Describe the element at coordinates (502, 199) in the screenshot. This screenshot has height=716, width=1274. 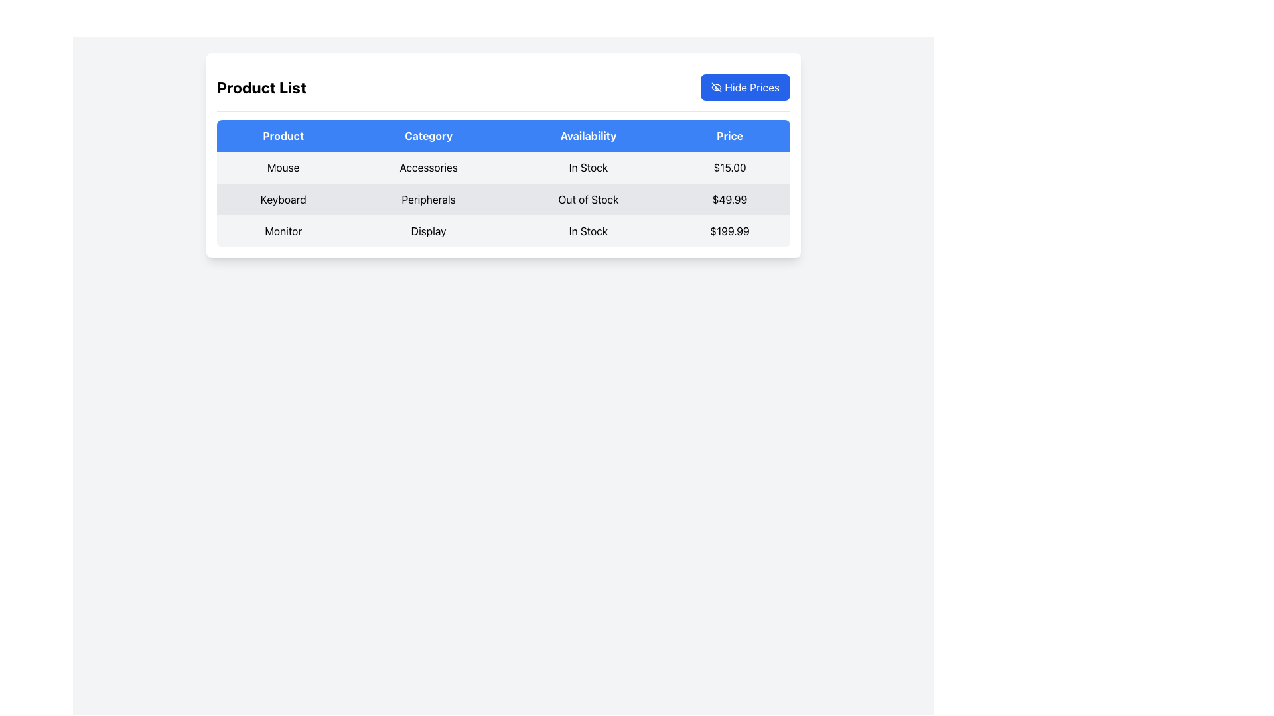
I see `the second row in the product table containing the items 'Keyboard', 'Peripherals', 'Out of Stock', and '$49.99'` at that location.